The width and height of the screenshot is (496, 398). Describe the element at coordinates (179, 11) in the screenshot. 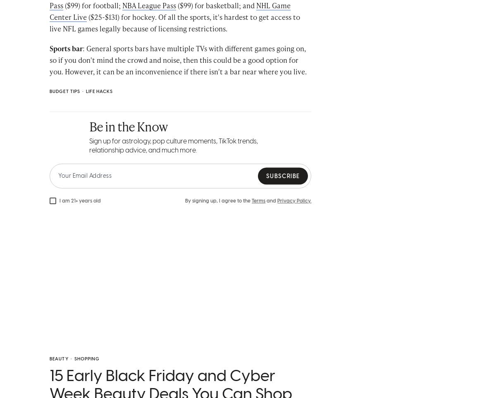

I see `'NFL Game Pass'` at that location.